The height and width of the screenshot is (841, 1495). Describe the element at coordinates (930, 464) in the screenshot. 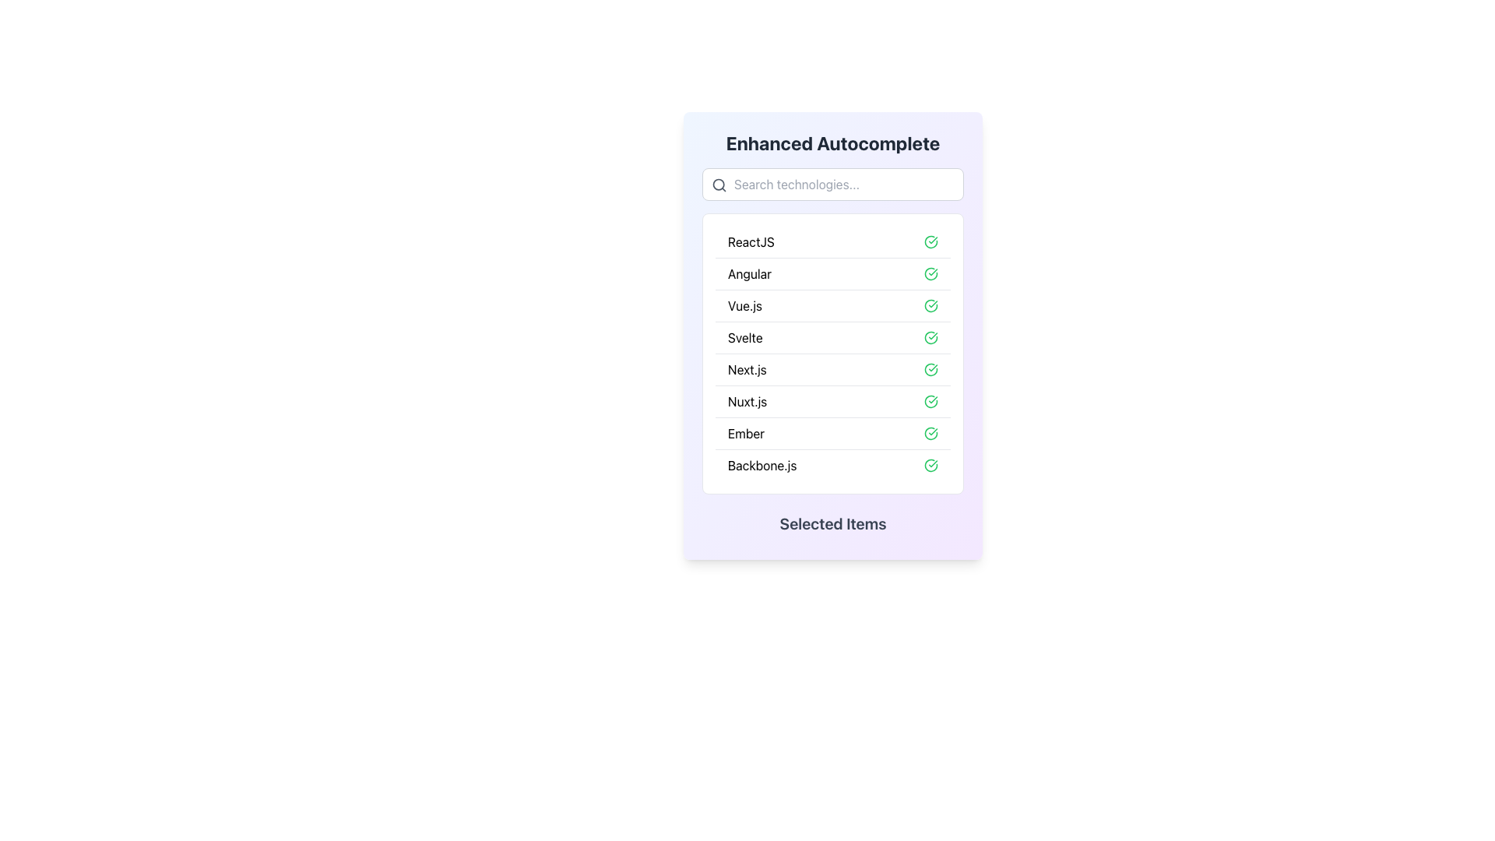

I see `the icon indicating the selected or approved state of 'Backbone.js' located at the right end of its row` at that location.